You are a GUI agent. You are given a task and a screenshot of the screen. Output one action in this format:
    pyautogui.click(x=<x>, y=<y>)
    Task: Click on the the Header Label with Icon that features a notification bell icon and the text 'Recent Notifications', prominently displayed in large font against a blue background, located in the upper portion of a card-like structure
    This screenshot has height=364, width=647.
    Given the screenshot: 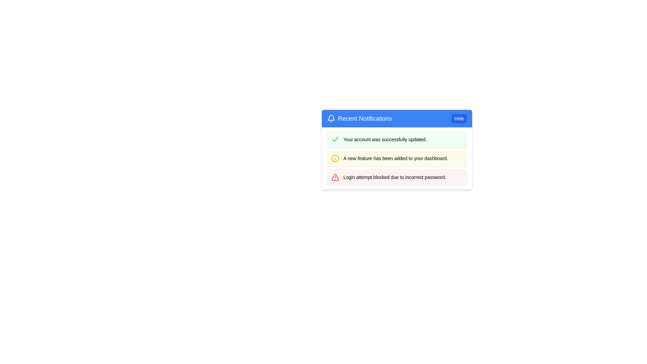 What is the action you would take?
    pyautogui.click(x=359, y=118)
    